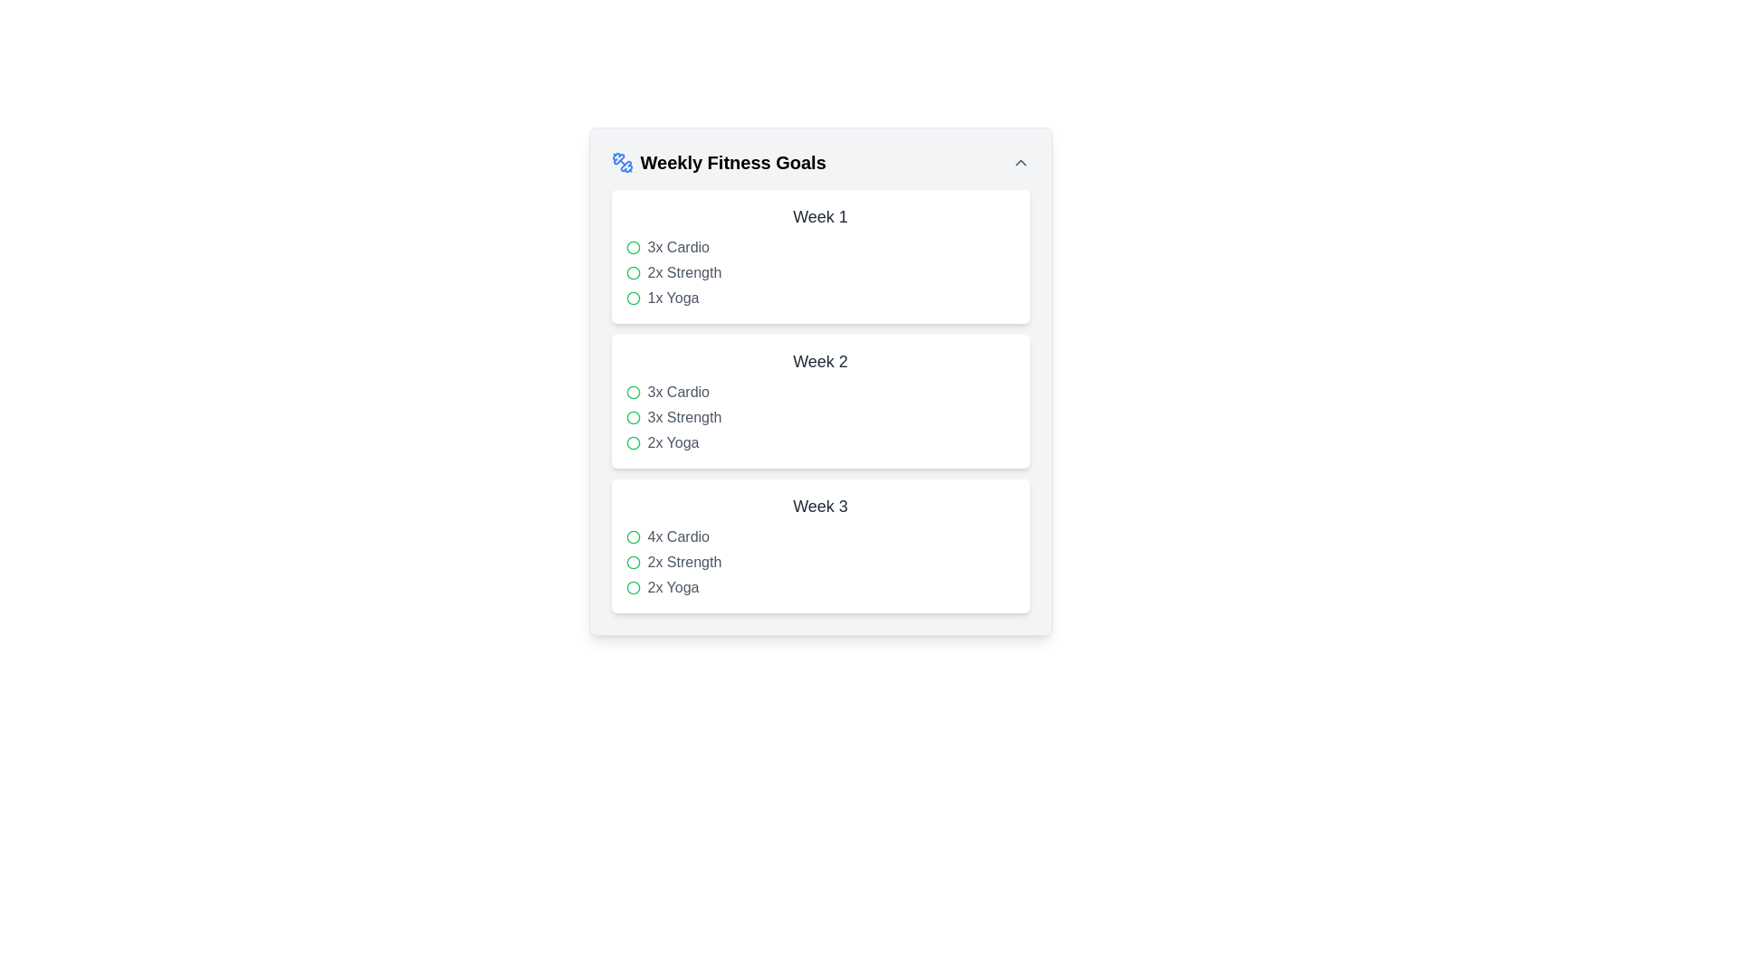 Image resolution: width=1738 pixels, height=977 pixels. Describe the element at coordinates (633, 418) in the screenshot. I see `the circular status indicator located to the left of the text '3x Strength' in the second section under 'Weekly Fitness Goals'` at that location.